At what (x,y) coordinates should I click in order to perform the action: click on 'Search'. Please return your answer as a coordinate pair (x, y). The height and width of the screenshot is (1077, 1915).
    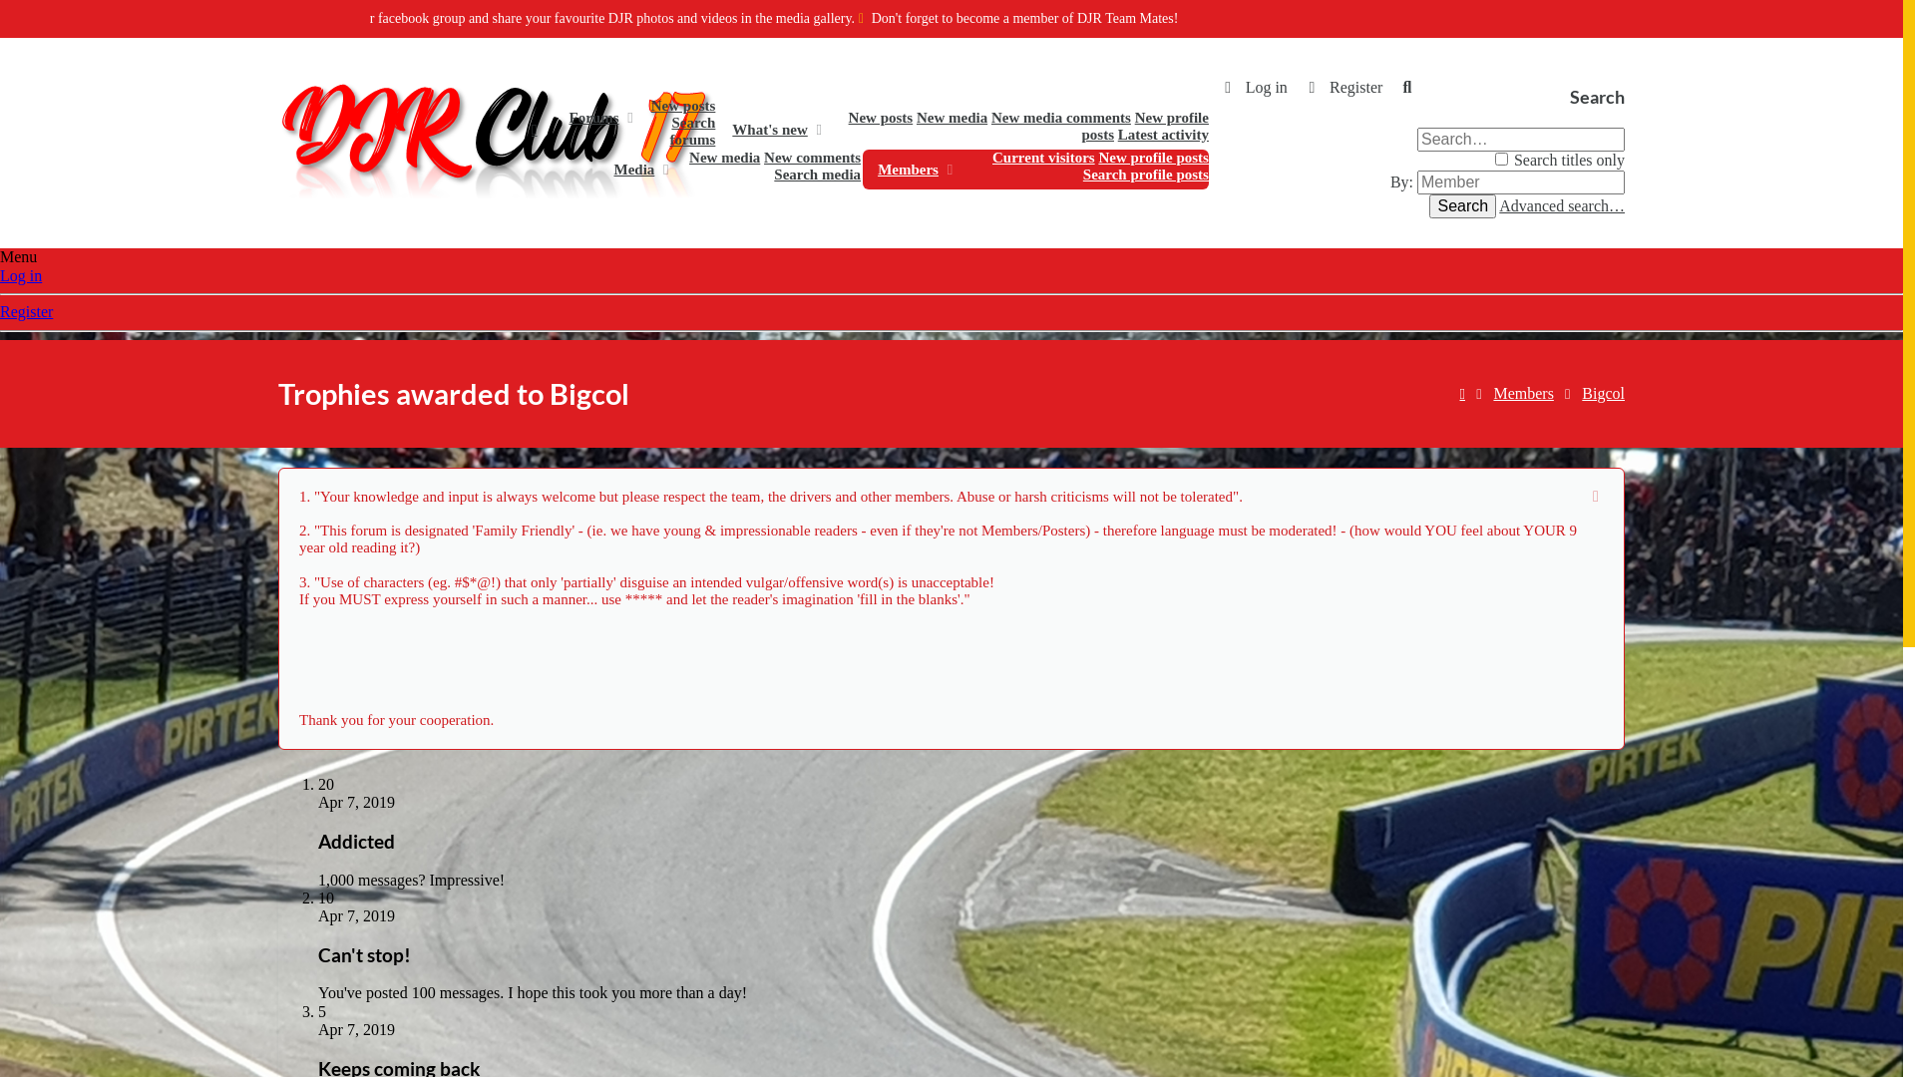
    Looking at the image, I should click on (1406, 87).